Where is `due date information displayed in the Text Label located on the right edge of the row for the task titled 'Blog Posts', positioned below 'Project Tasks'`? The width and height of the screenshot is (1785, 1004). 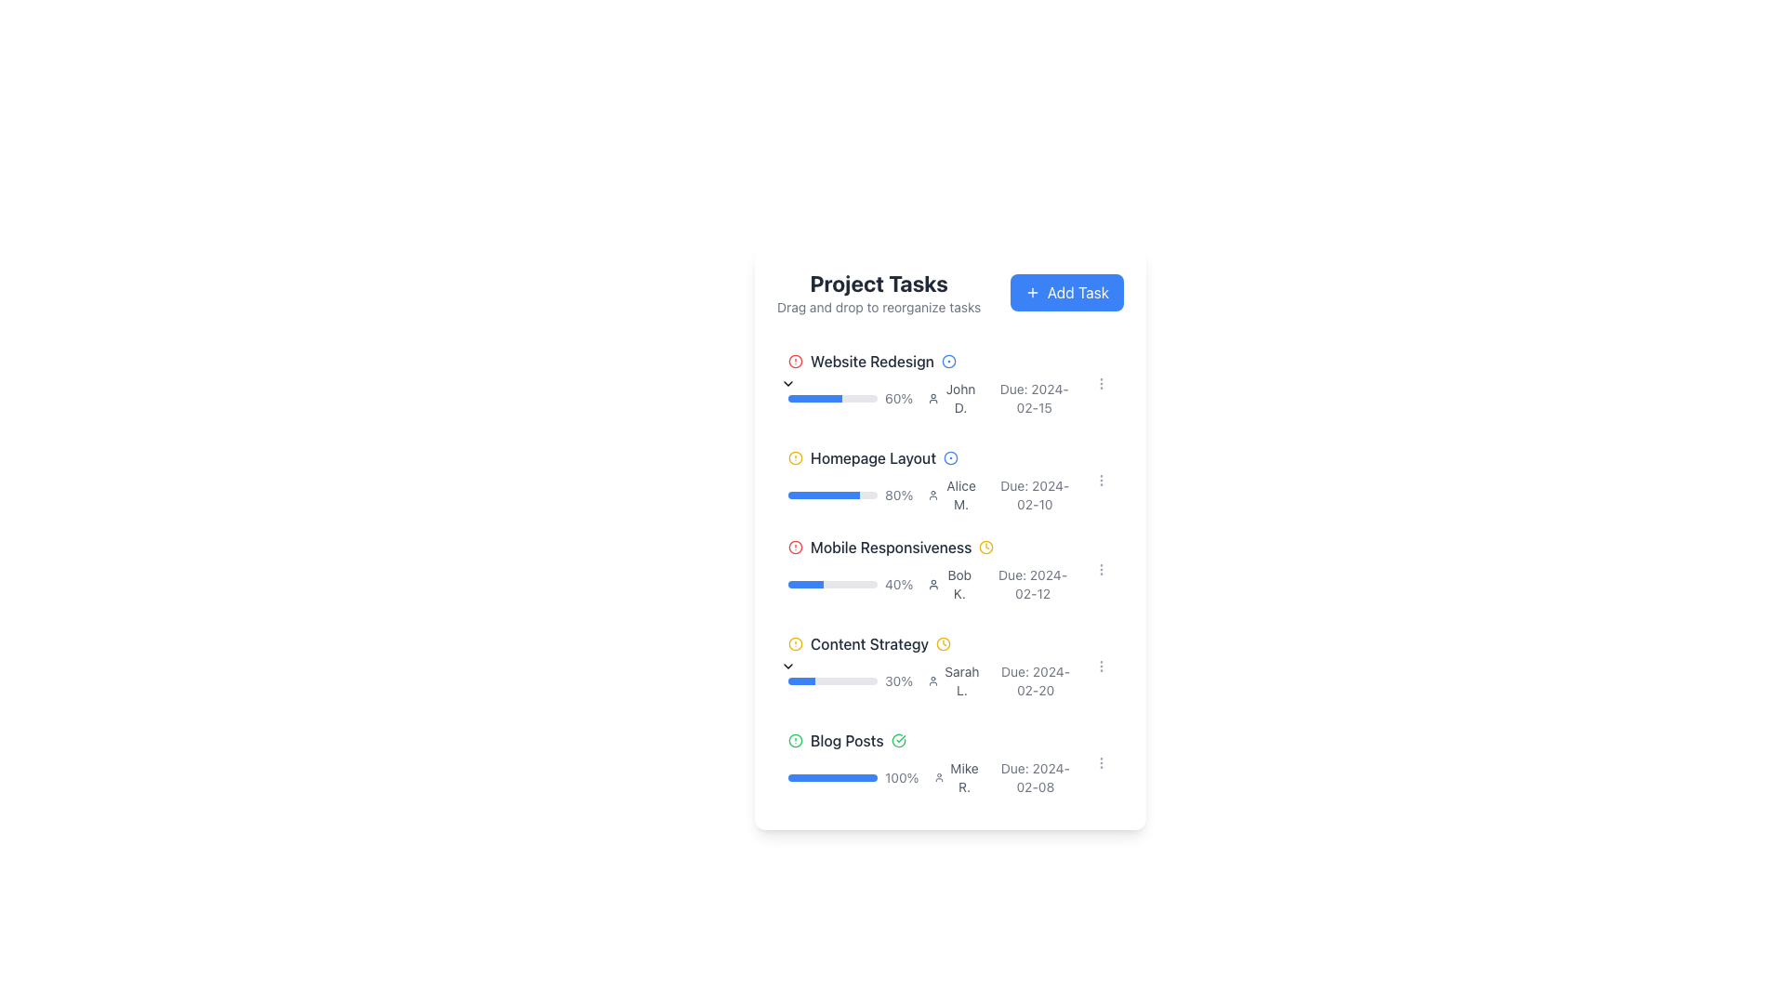 due date information displayed in the Text Label located on the right edge of the row for the task titled 'Blog Posts', positioned below 'Project Tasks' is located at coordinates (1034, 778).